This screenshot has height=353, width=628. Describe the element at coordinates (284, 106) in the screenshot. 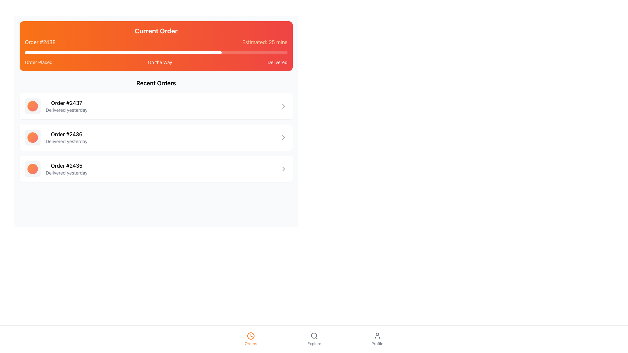

I see `the Chevron Right icon at the end of the first order in the Recent Orders section` at that location.